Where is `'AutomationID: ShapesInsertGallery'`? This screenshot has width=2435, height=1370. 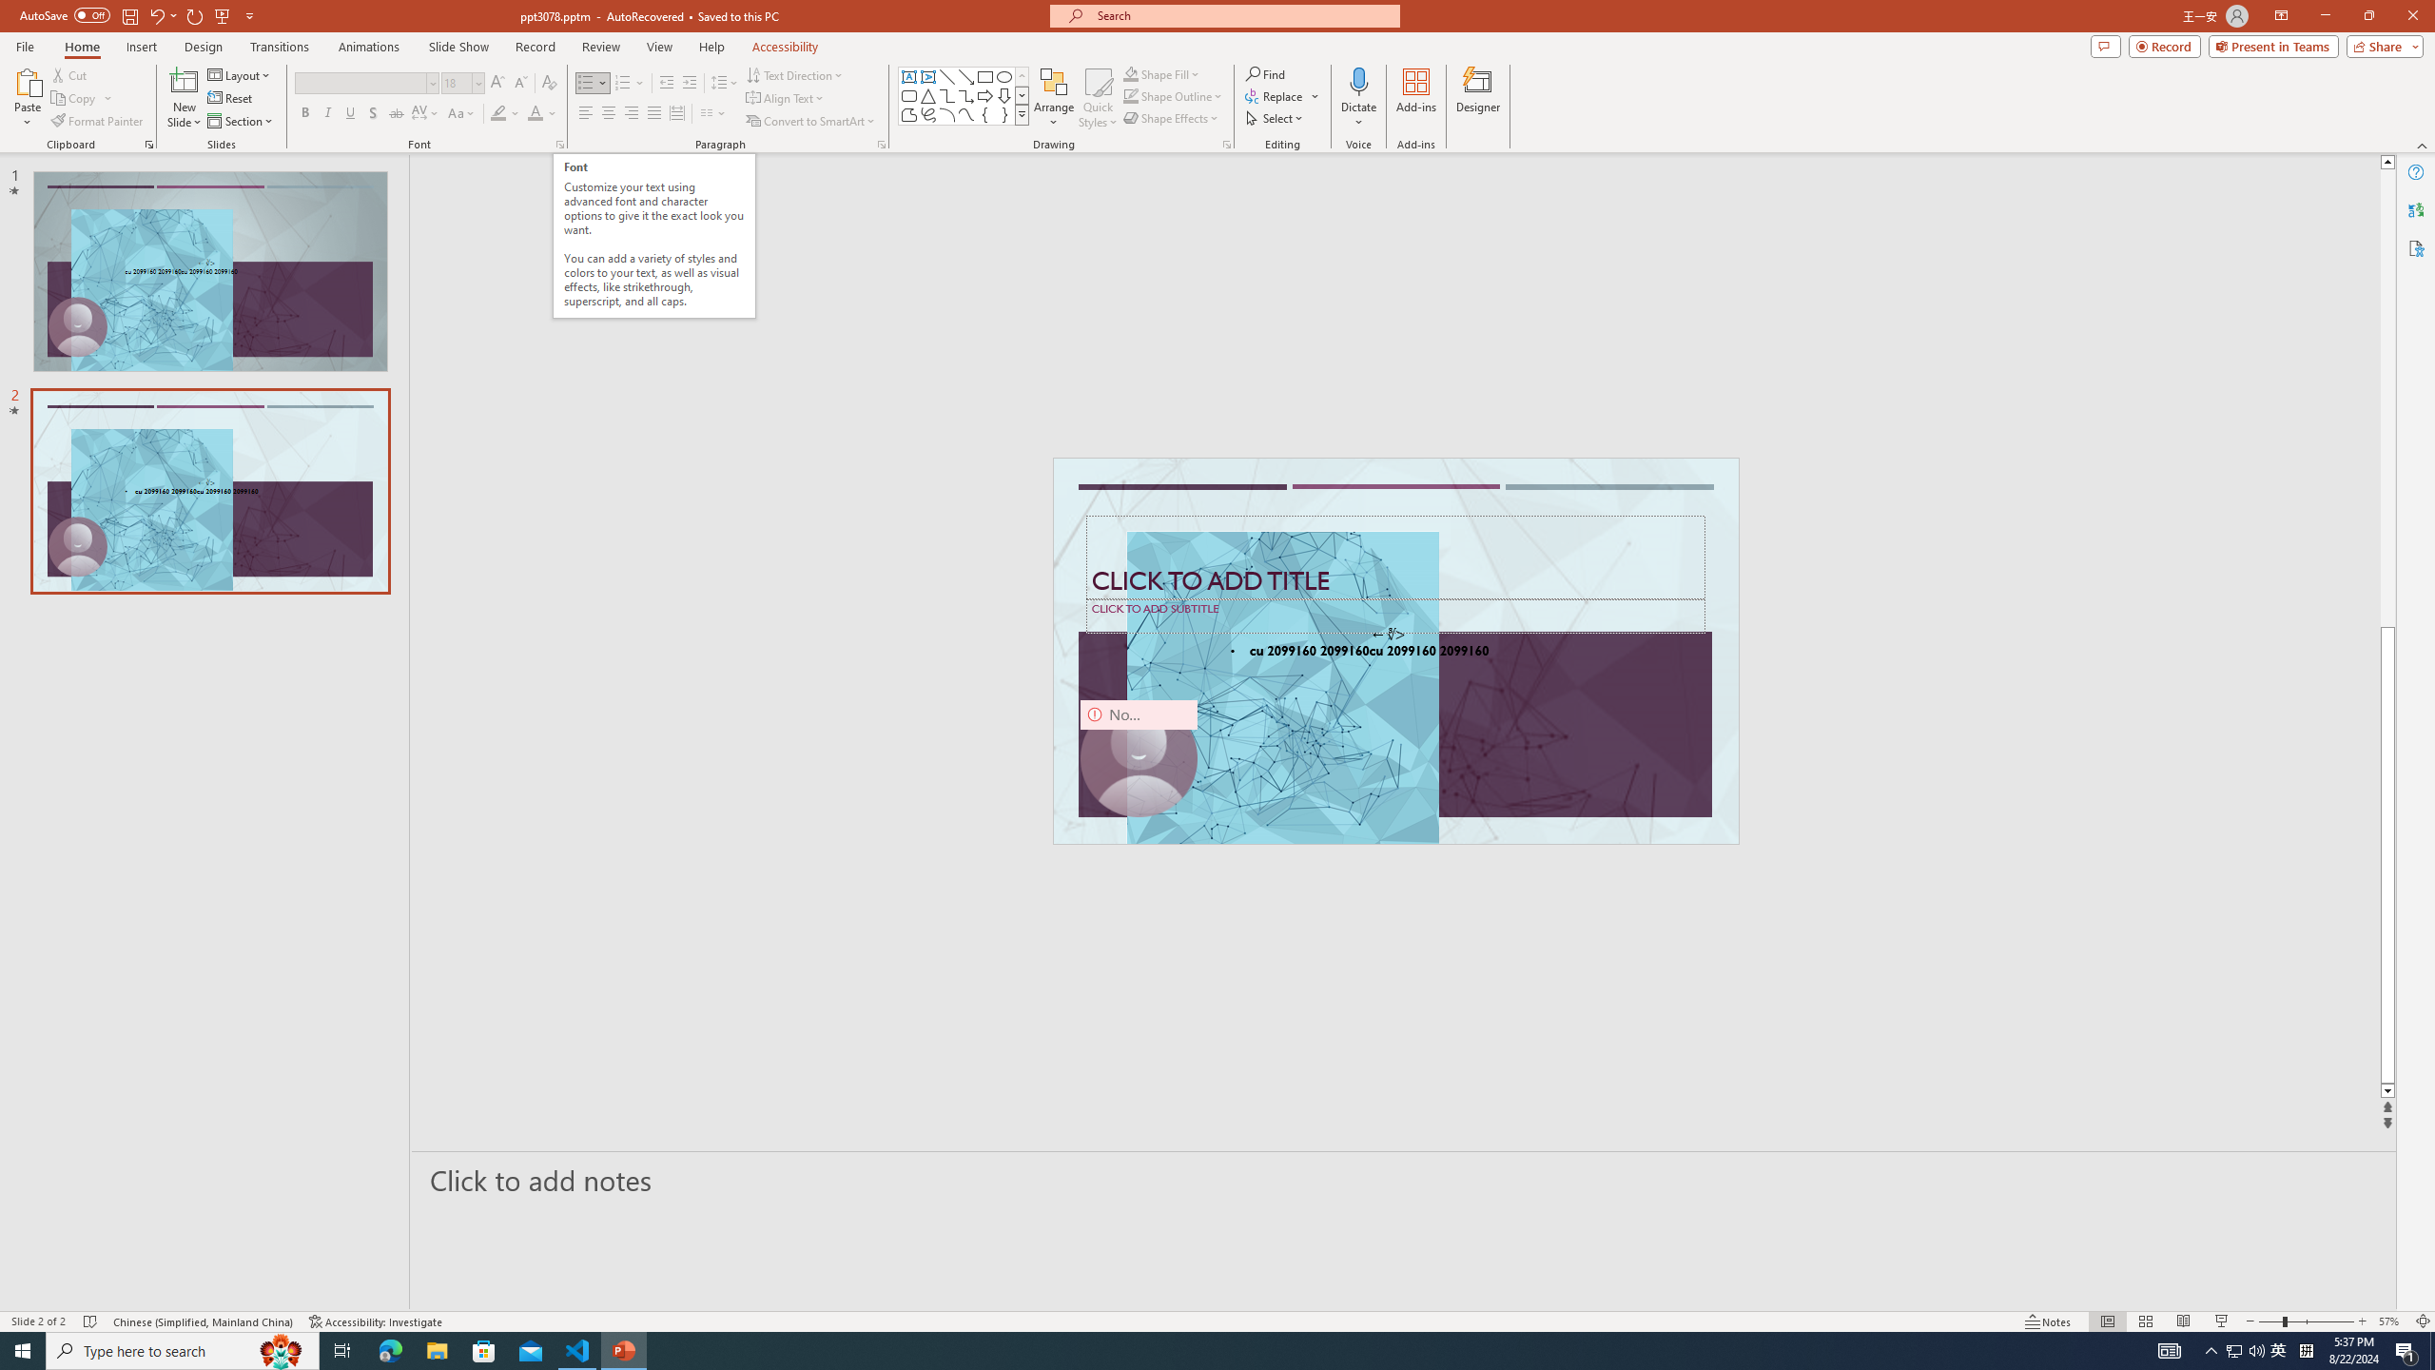
'AutomationID: ShapesInsertGallery' is located at coordinates (963, 95).